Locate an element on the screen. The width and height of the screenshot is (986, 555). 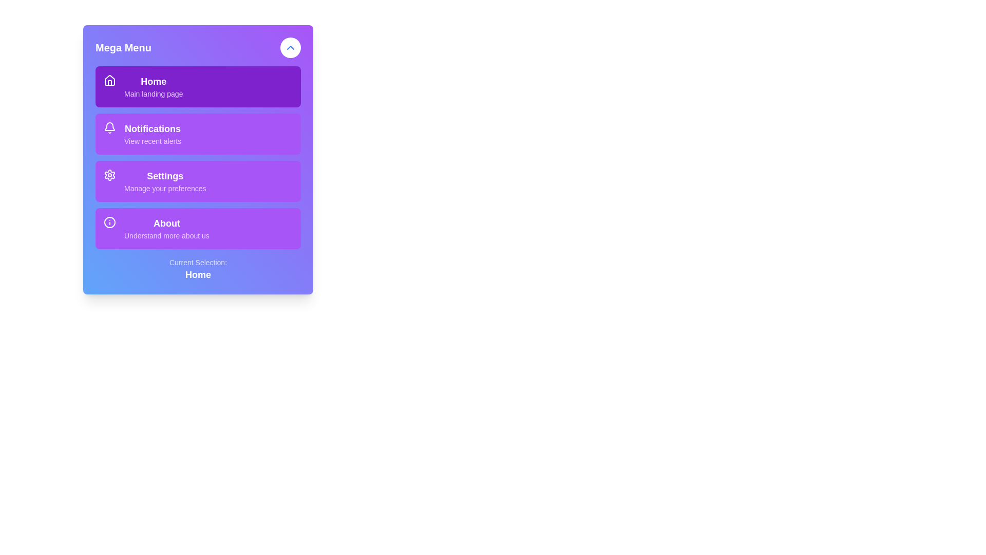
the small graphical house icon element located in the top-left corner of the Mega Menu card, positioned before the text 'Home' is located at coordinates (110, 82).